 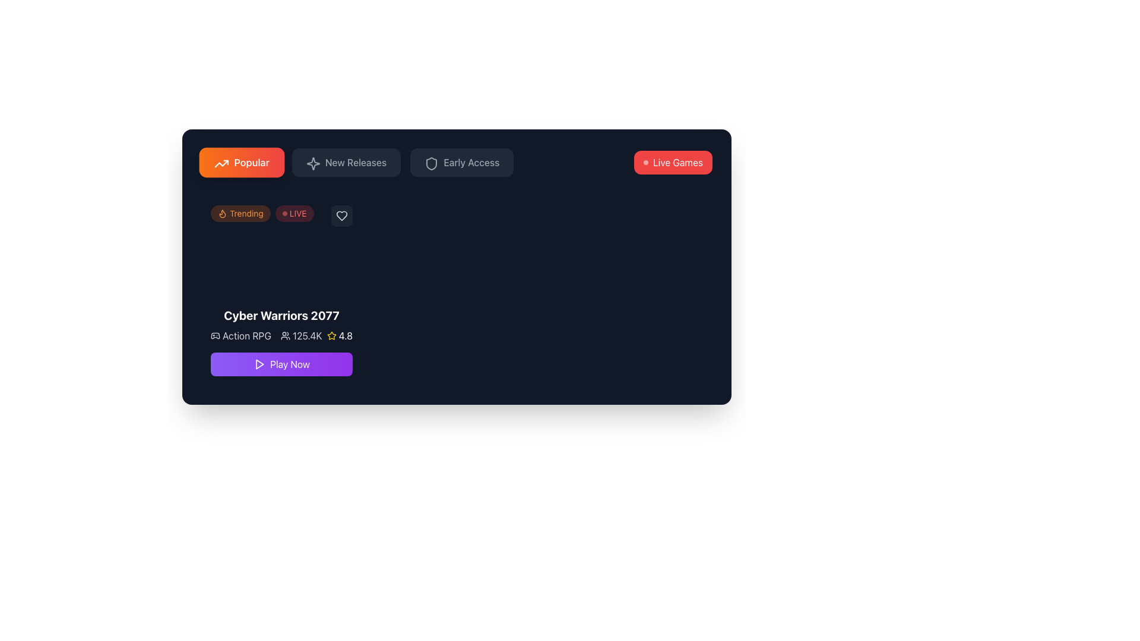 What do you see at coordinates (294, 212) in the screenshot?
I see `the Status label, which is a pill-shaped badge with a dark red background and the text 'LIVE' in light red, located in the 'Trending LIVE' group` at bounding box center [294, 212].